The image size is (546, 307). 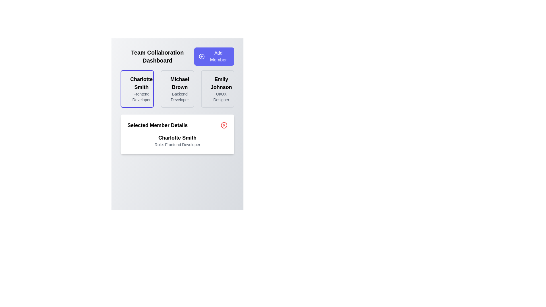 I want to click on the text label displaying the name 'Michael Brown', which is styled in bold and slightly larger font, positioned above the label 'Backend Developer', so click(x=179, y=83).